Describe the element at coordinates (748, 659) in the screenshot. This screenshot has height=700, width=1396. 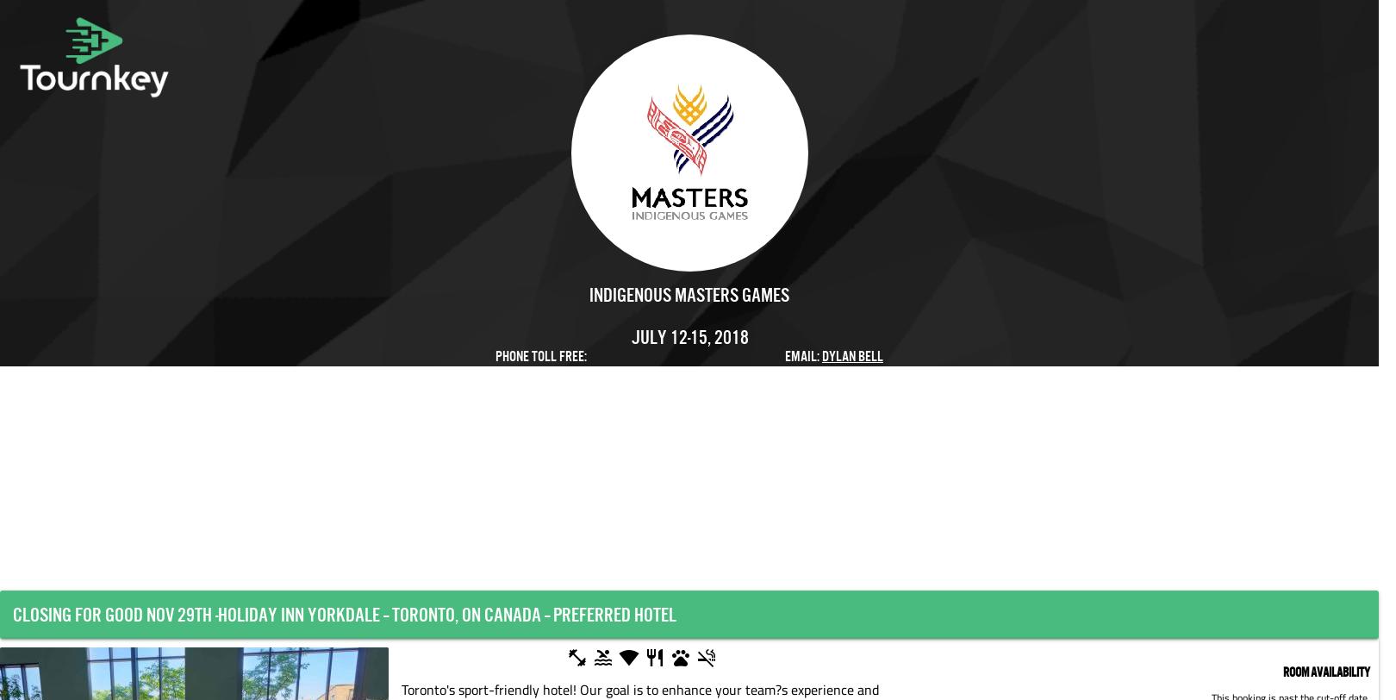
I see `'Pet Friendly'` at that location.